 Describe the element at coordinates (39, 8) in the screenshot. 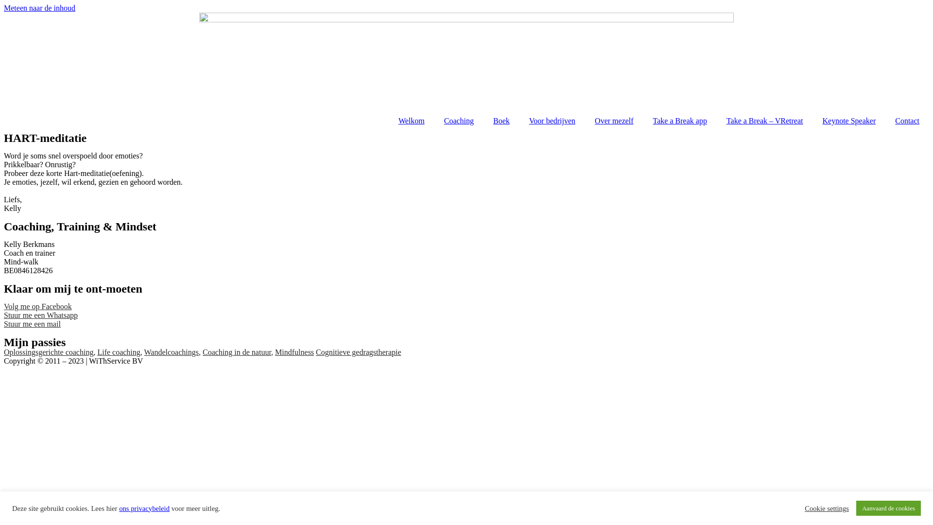

I see `'Meteen naar de inhoud'` at that location.